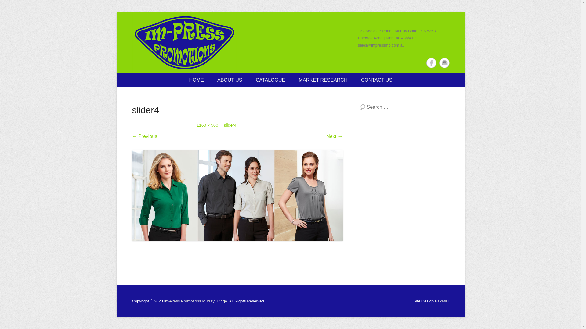  What do you see at coordinates (196, 80) in the screenshot?
I see `'HOME'` at bounding box center [196, 80].